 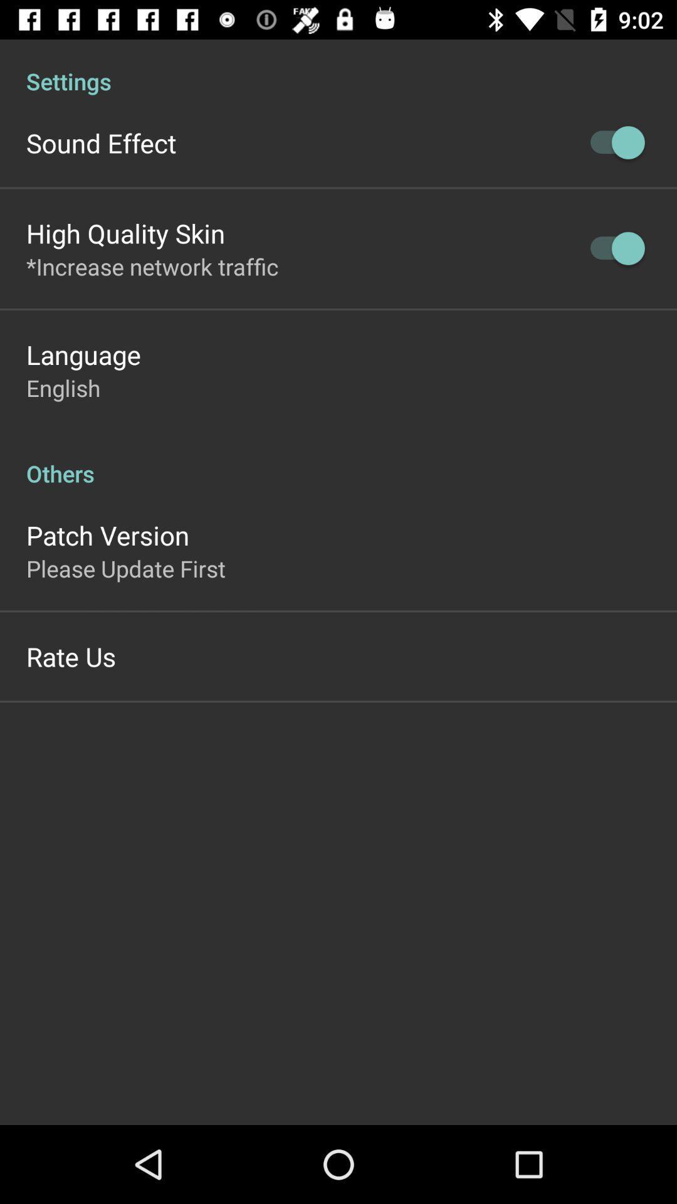 I want to click on the app above the language app, so click(x=152, y=266).